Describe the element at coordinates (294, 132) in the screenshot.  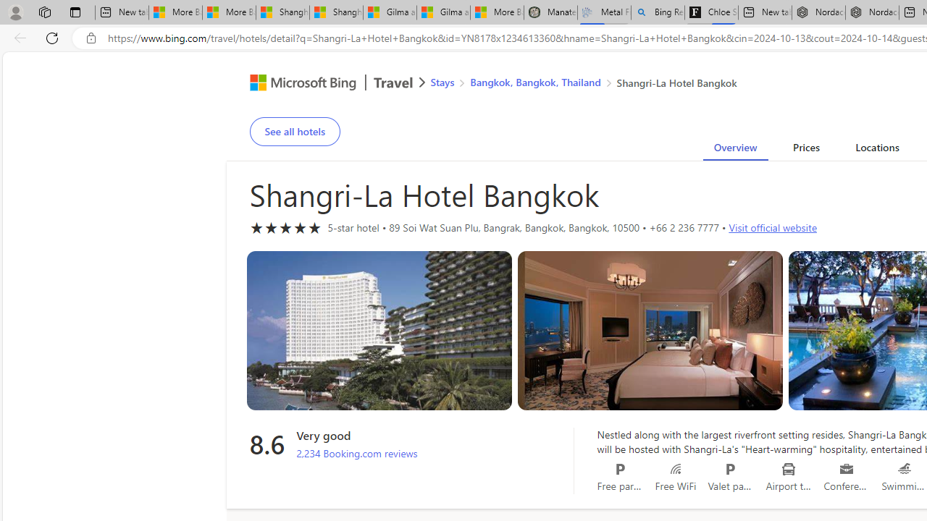
I see `'See all hotels'` at that location.